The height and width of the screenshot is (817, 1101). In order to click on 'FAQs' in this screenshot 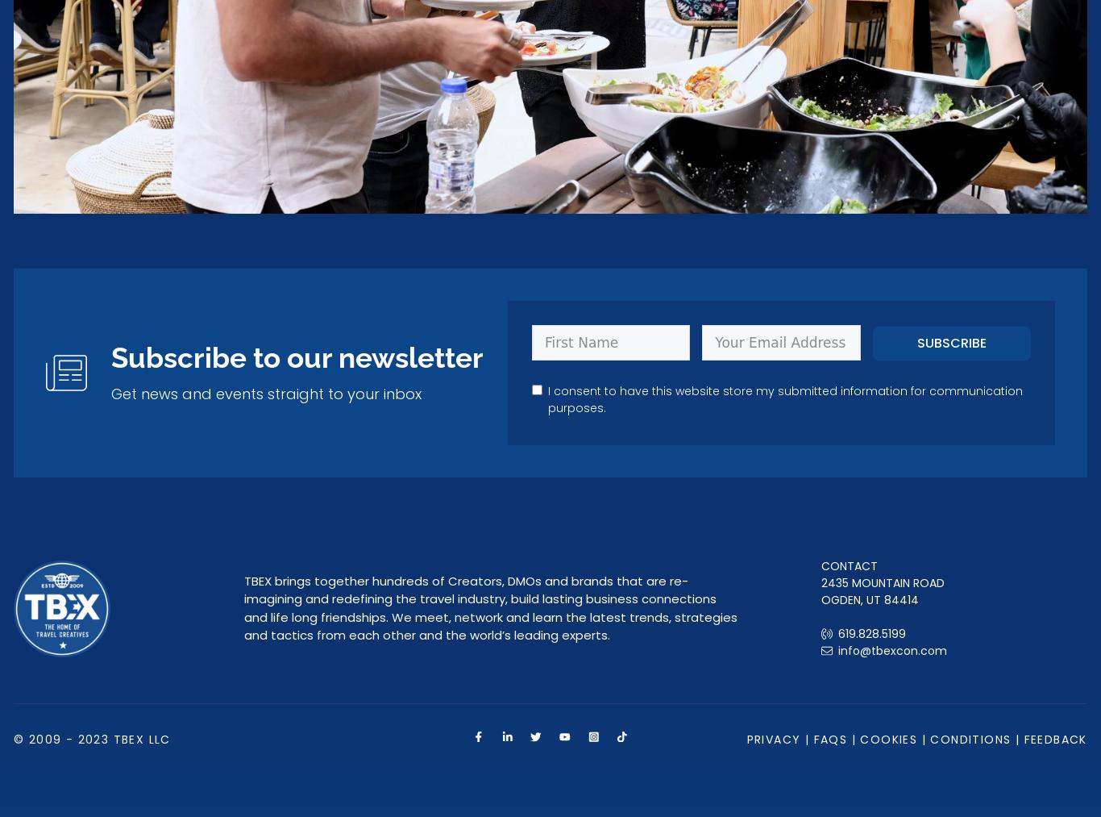, I will do `click(829, 738)`.